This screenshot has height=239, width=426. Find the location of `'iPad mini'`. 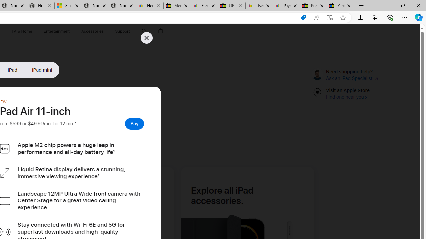

'iPad mini' is located at coordinates (42, 70).